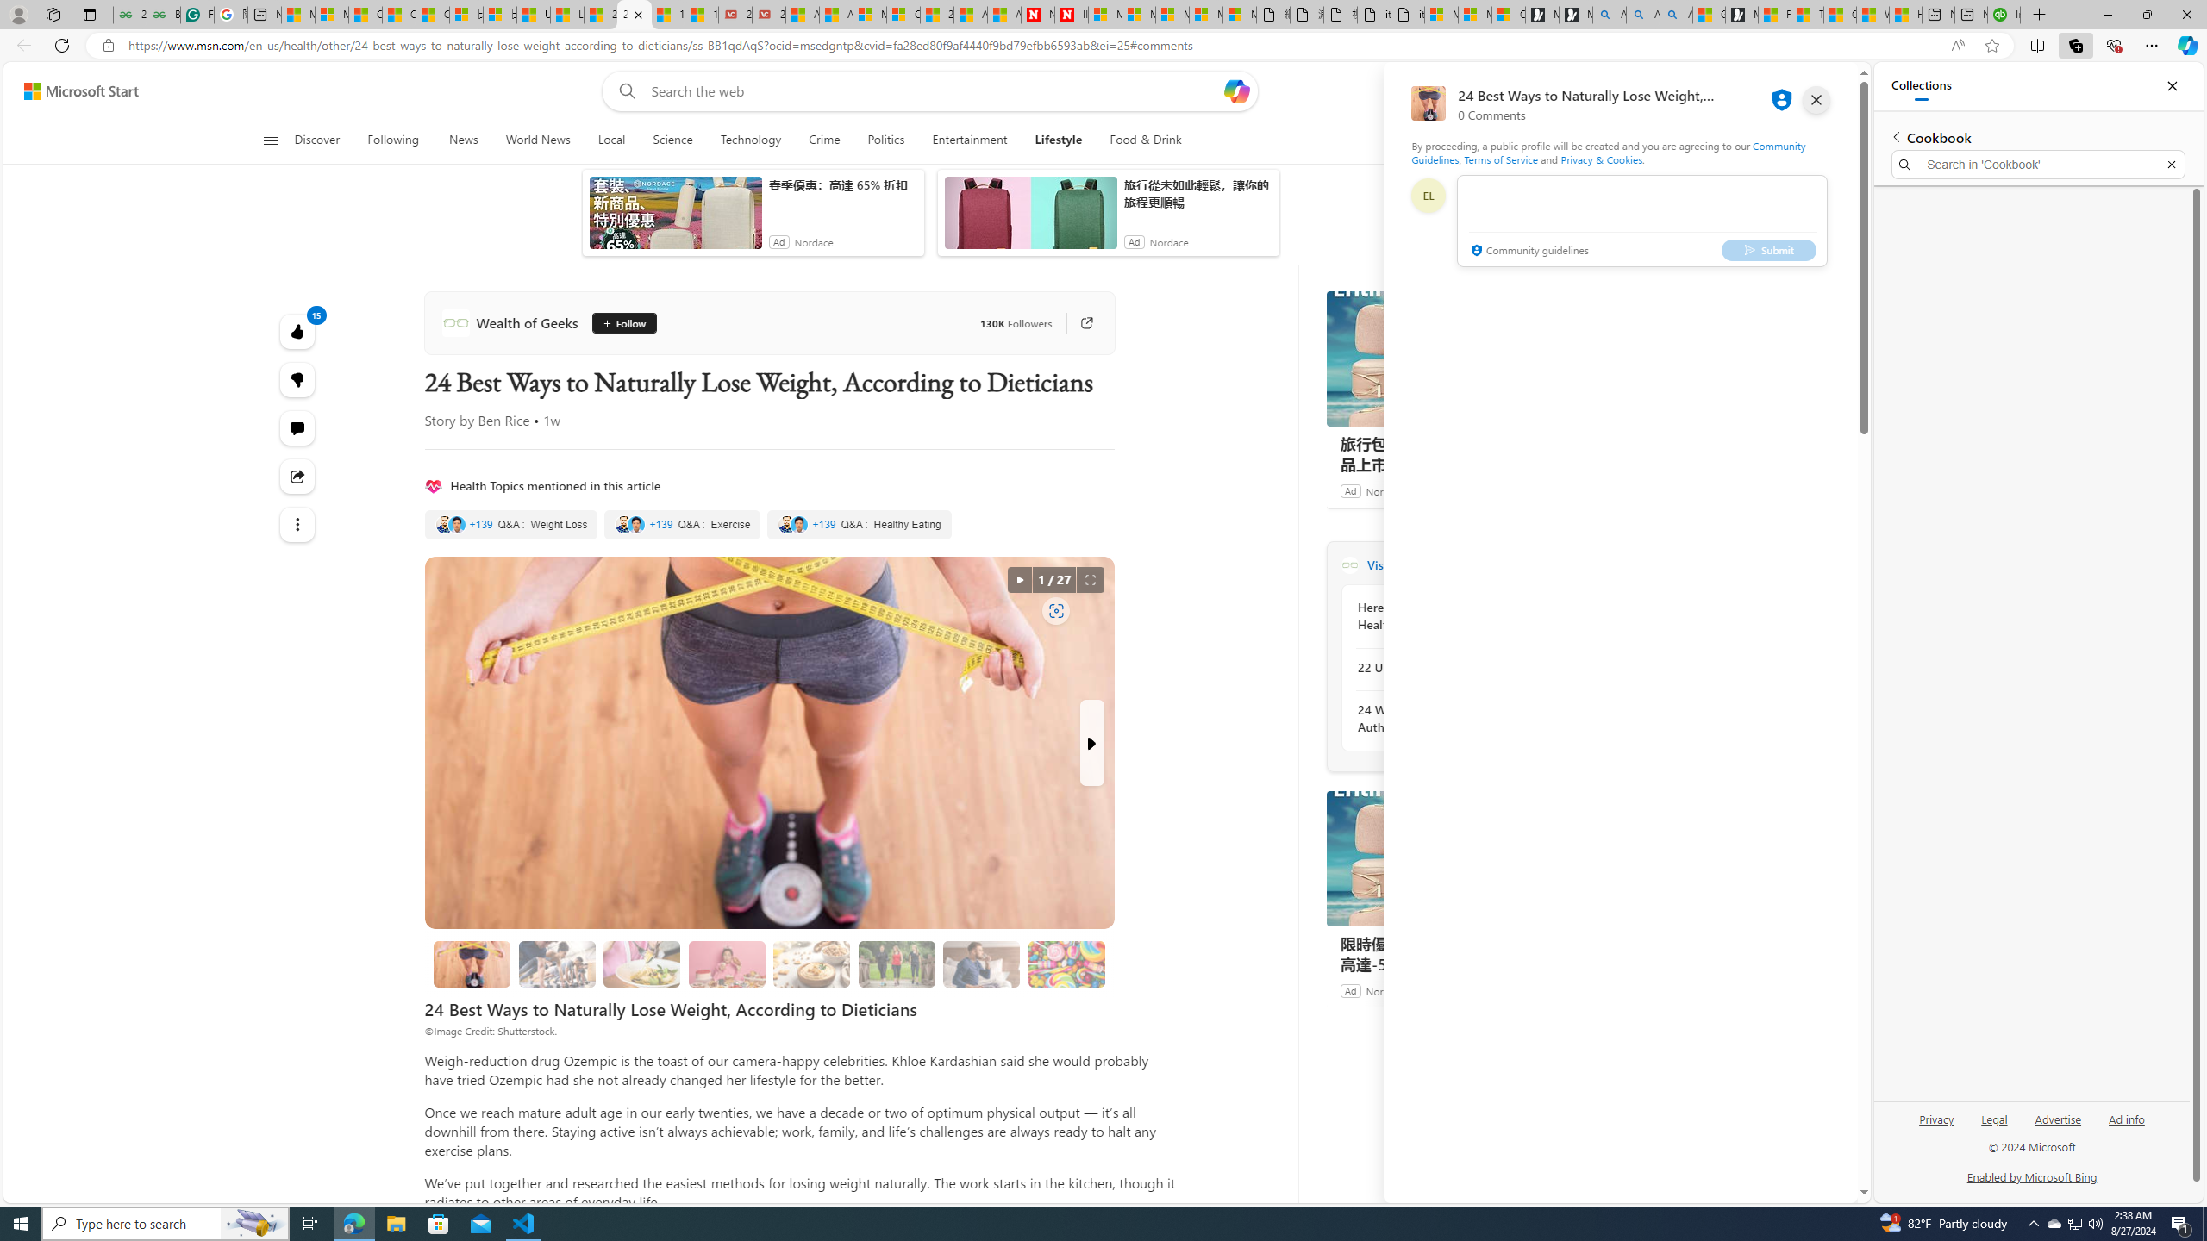 The image size is (2207, 1241). Describe the element at coordinates (197, 14) in the screenshot. I see `'Free AI Writing Assistance for Students | Grammarly'` at that location.